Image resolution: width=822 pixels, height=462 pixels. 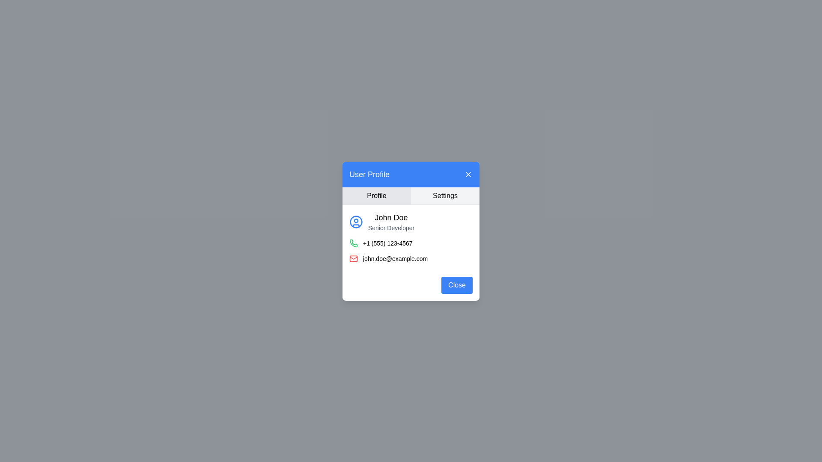 What do you see at coordinates (411, 237) in the screenshot?
I see `the Information display card in the User Profile modal, which contains user details such as name, role, phone number, and email address` at bounding box center [411, 237].